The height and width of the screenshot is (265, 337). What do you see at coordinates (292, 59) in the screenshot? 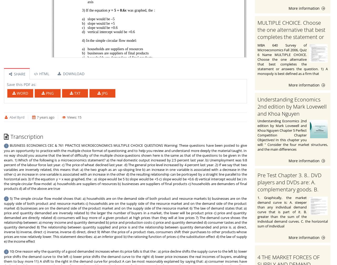
I see `'MBA 640 Survey of Microeconomics Fall 2006, Quiz 6 Name MULTIPLE CHOICE. Choose the one alternative that best completes the statement or answers the question. 1) A monopoly is best defined as a firm that'` at bounding box center [292, 59].